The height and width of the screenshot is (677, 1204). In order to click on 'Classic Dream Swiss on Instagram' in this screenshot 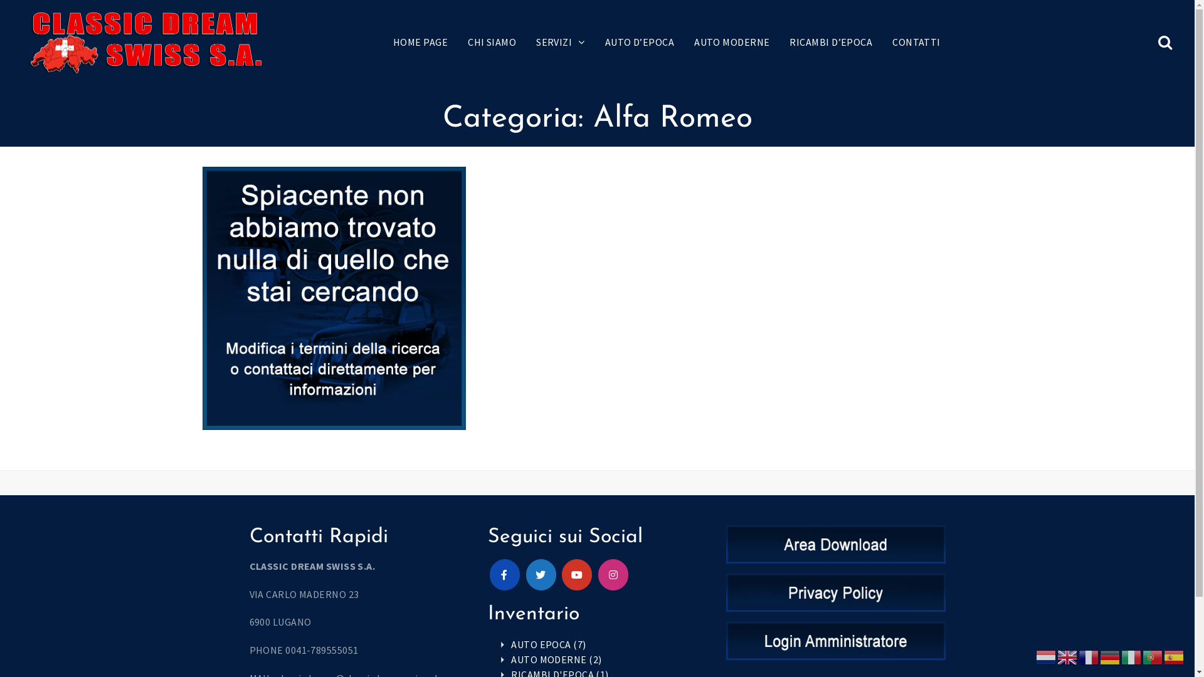, I will do `click(613, 575)`.